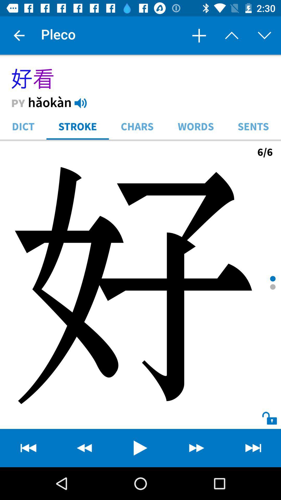 Image resolution: width=281 pixels, height=500 pixels. I want to click on the av_rewind icon, so click(28, 448).